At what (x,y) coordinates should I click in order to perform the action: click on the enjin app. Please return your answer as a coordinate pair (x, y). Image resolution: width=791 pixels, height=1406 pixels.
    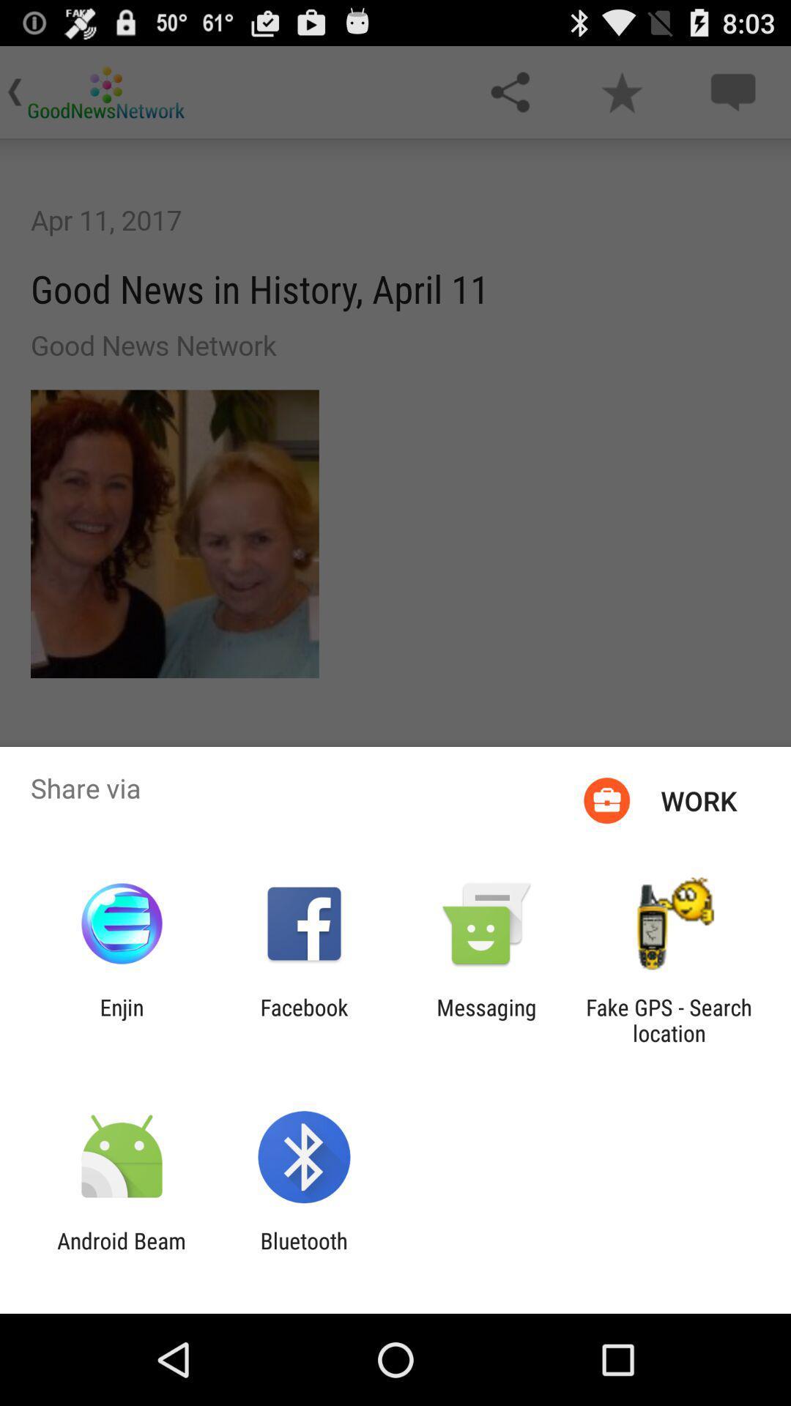
    Looking at the image, I should click on (121, 1019).